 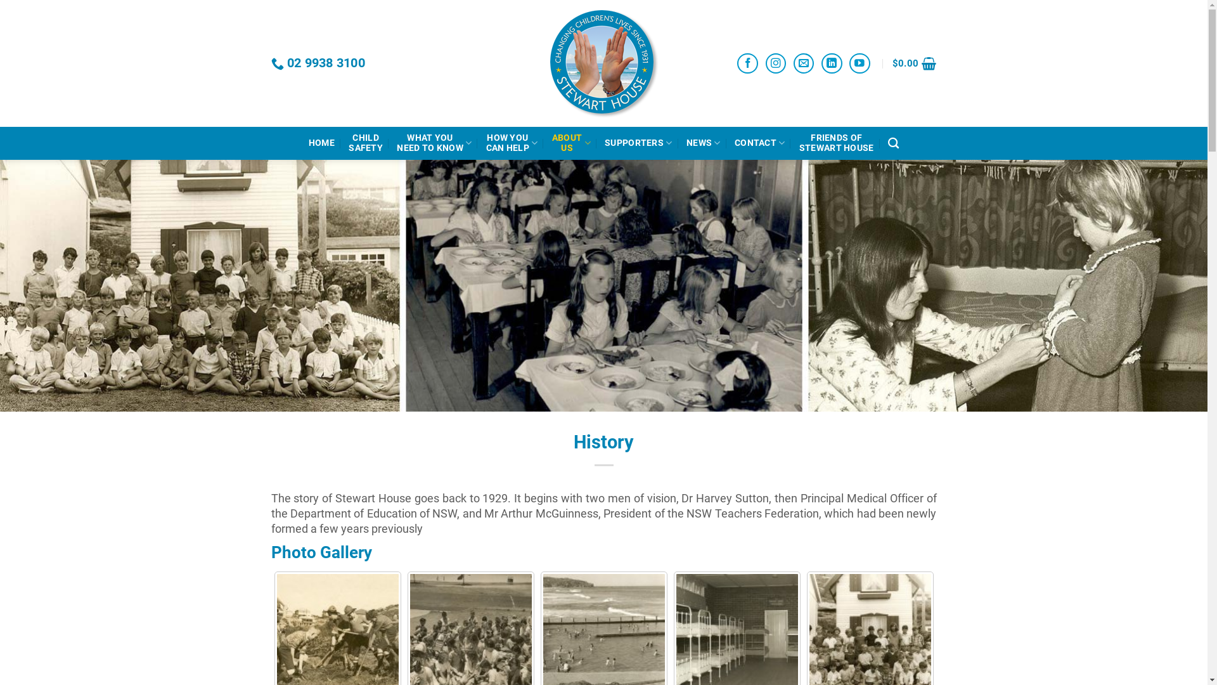 What do you see at coordinates (915, 63) in the screenshot?
I see `'$0.00'` at bounding box center [915, 63].